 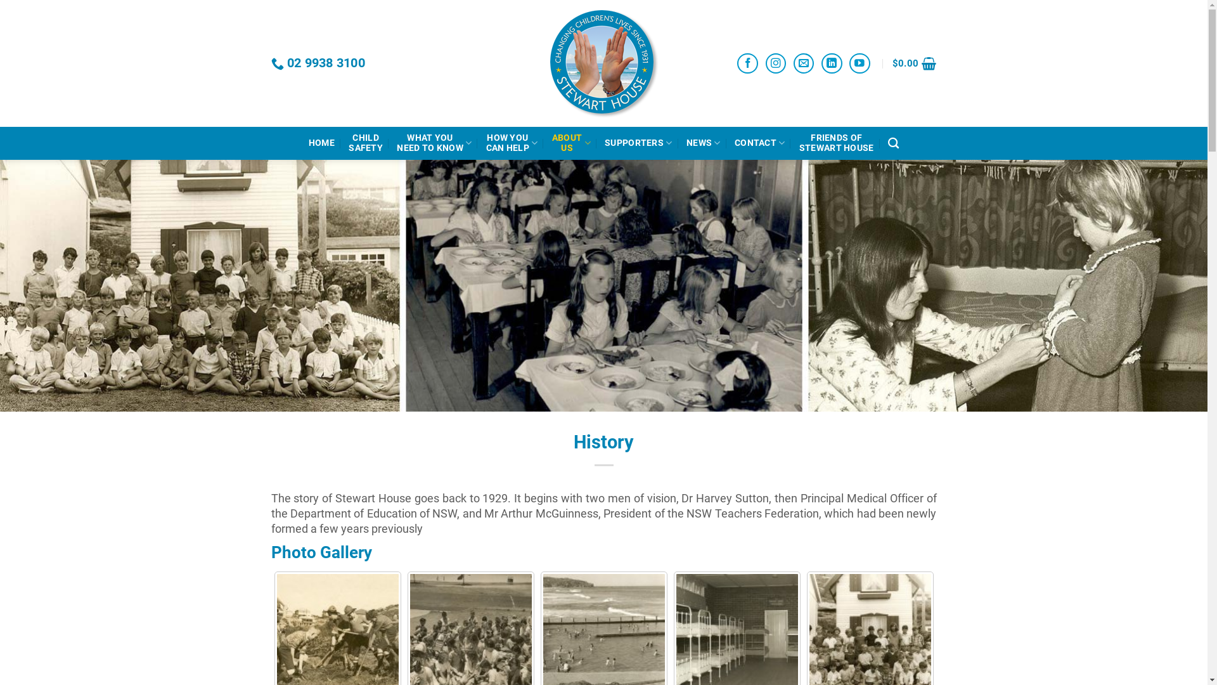 What do you see at coordinates (915, 63) in the screenshot?
I see `'$0.00'` at bounding box center [915, 63].